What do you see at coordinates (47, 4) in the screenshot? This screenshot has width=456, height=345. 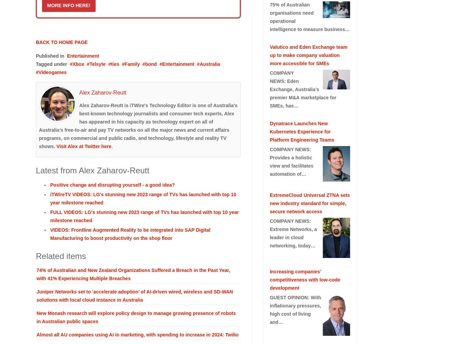 I see `'MORE INFO HERE!'` at bounding box center [47, 4].